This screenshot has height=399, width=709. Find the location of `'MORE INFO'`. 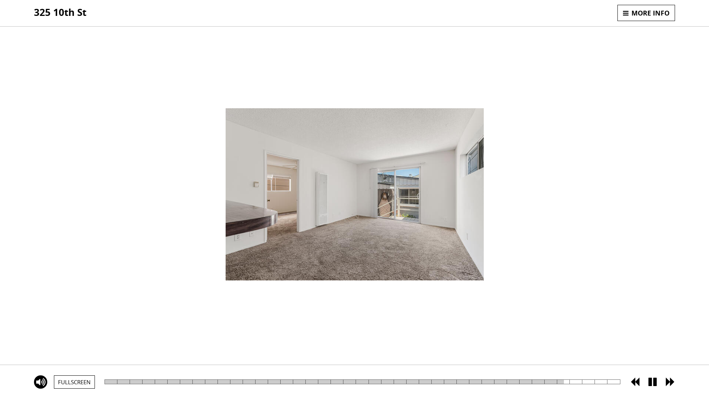

'MORE INFO' is located at coordinates (617, 13).